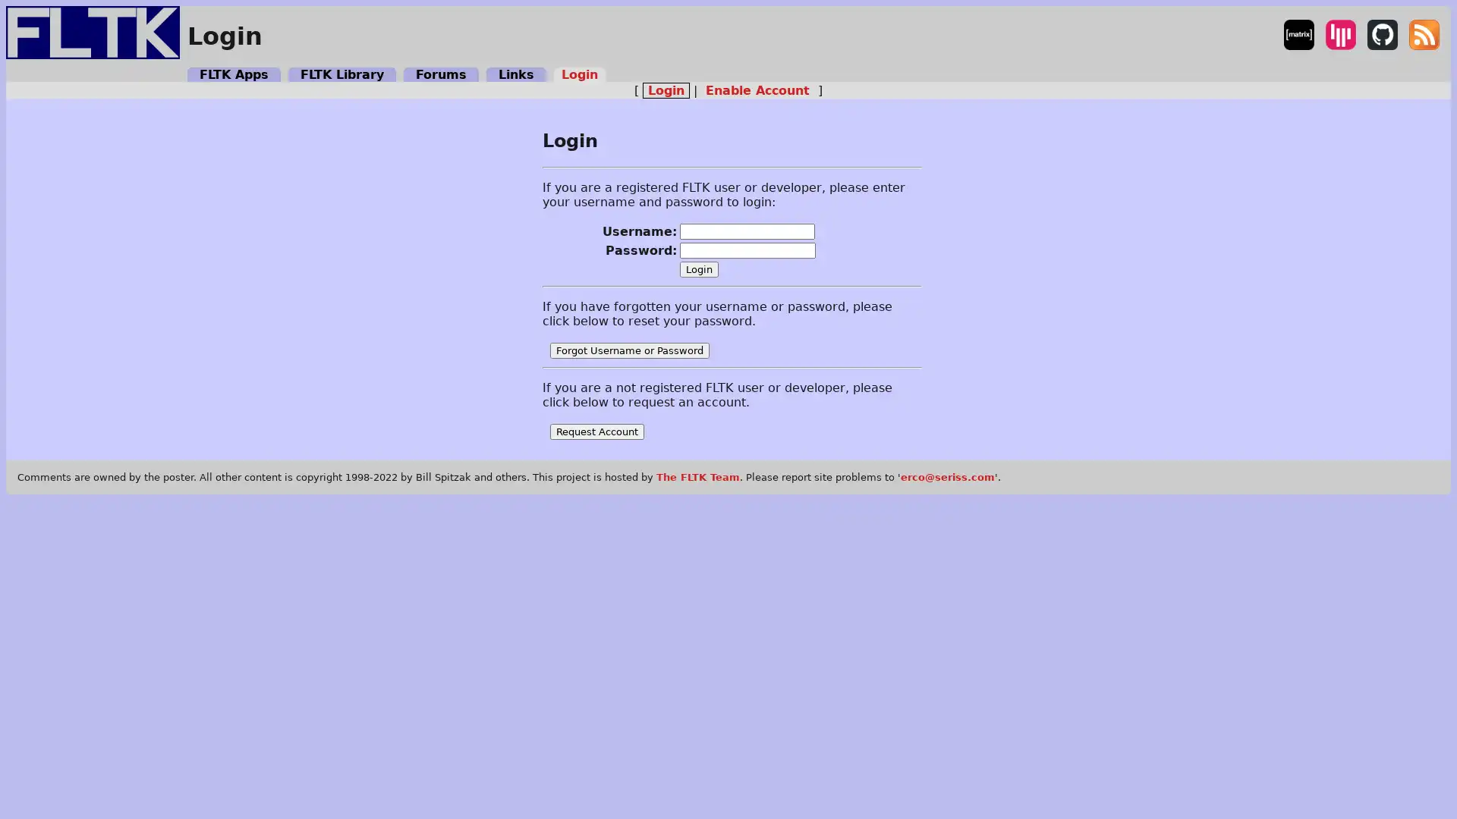  Describe the element at coordinates (697, 268) in the screenshot. I see `Login` at that location.